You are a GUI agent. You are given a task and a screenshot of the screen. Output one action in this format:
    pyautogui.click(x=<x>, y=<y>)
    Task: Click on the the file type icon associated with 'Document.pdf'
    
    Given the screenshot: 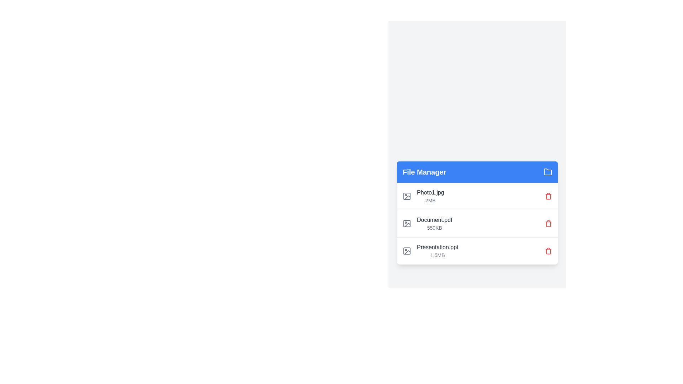 What is the action you would take?
    pyautogui.click(x=407, y=223)
    